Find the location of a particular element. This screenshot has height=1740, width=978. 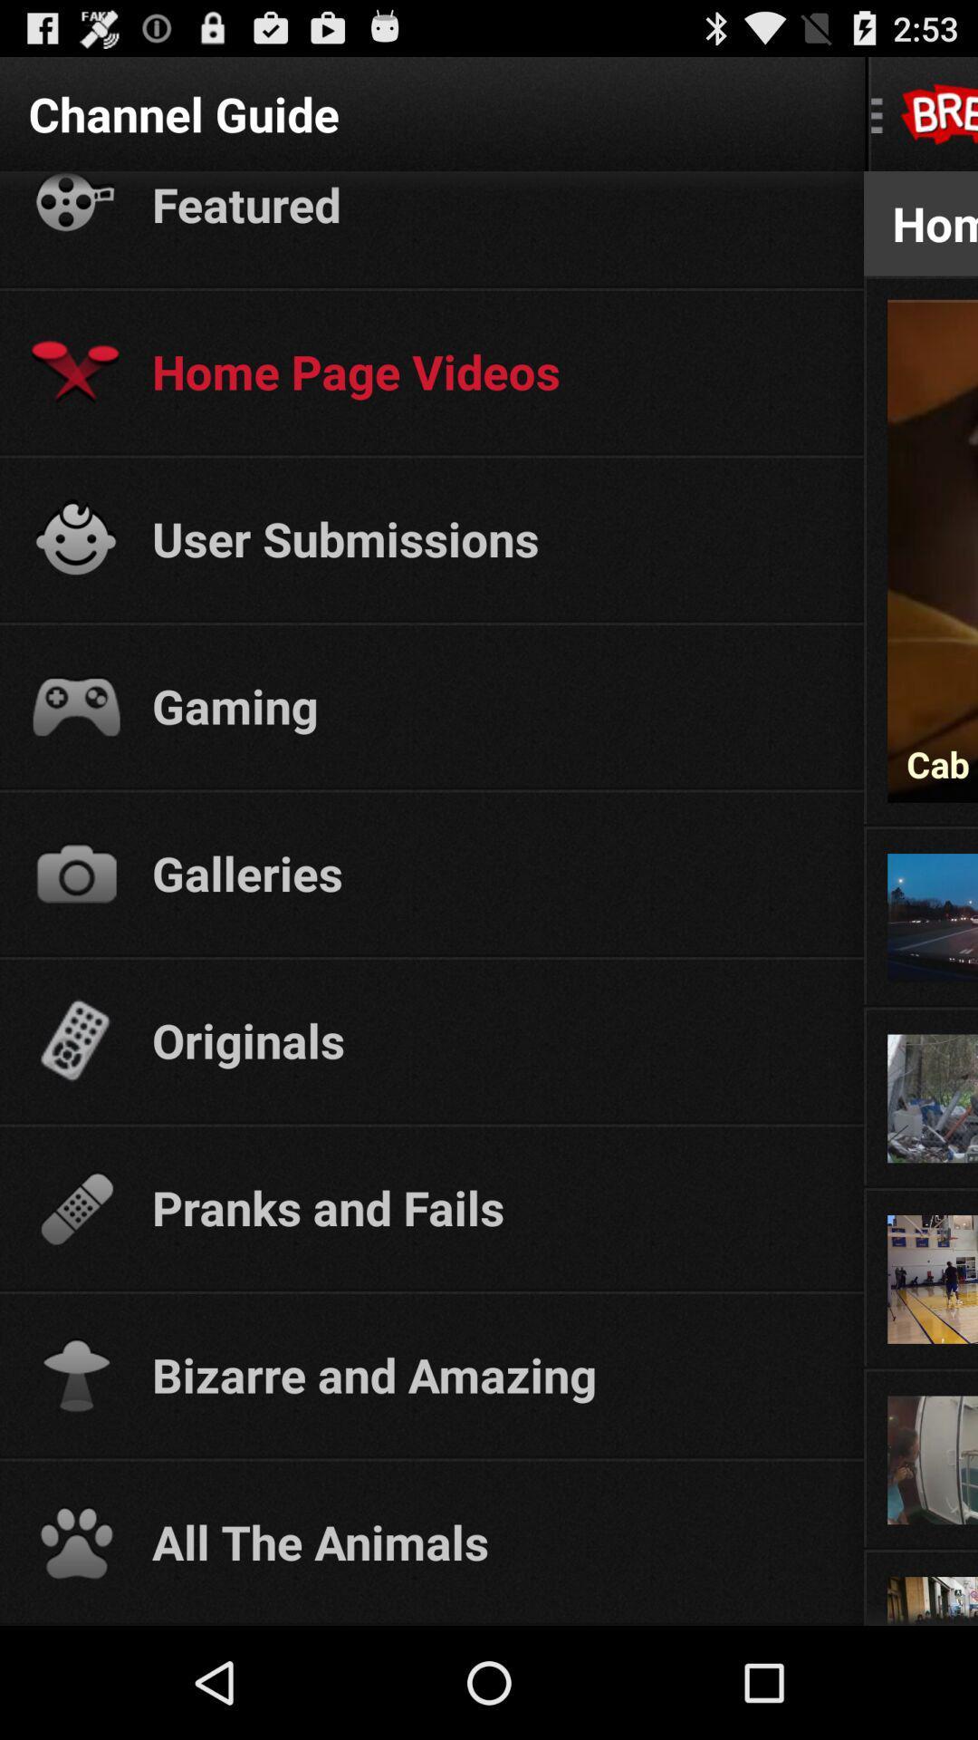

user submissions app is located at coordinates (491, 537).